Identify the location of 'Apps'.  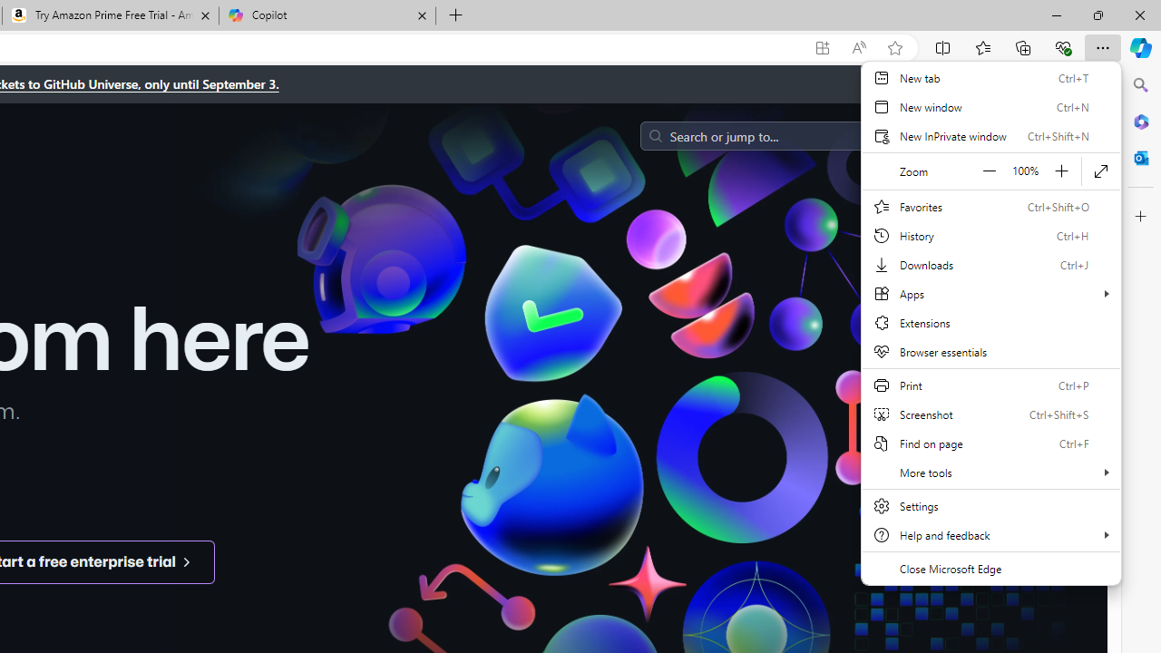
(990, 293).